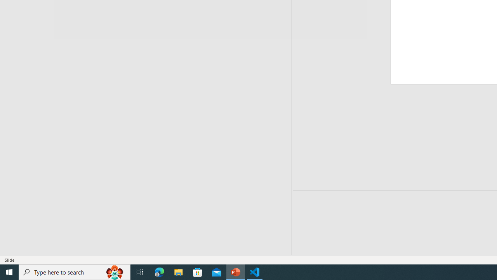 The height and width of the screenshot is (280, 497). Describe the element at coordinates (255, 271) in the screenshot. I see `'Visual Studio Code - 1 running window'` at that location.